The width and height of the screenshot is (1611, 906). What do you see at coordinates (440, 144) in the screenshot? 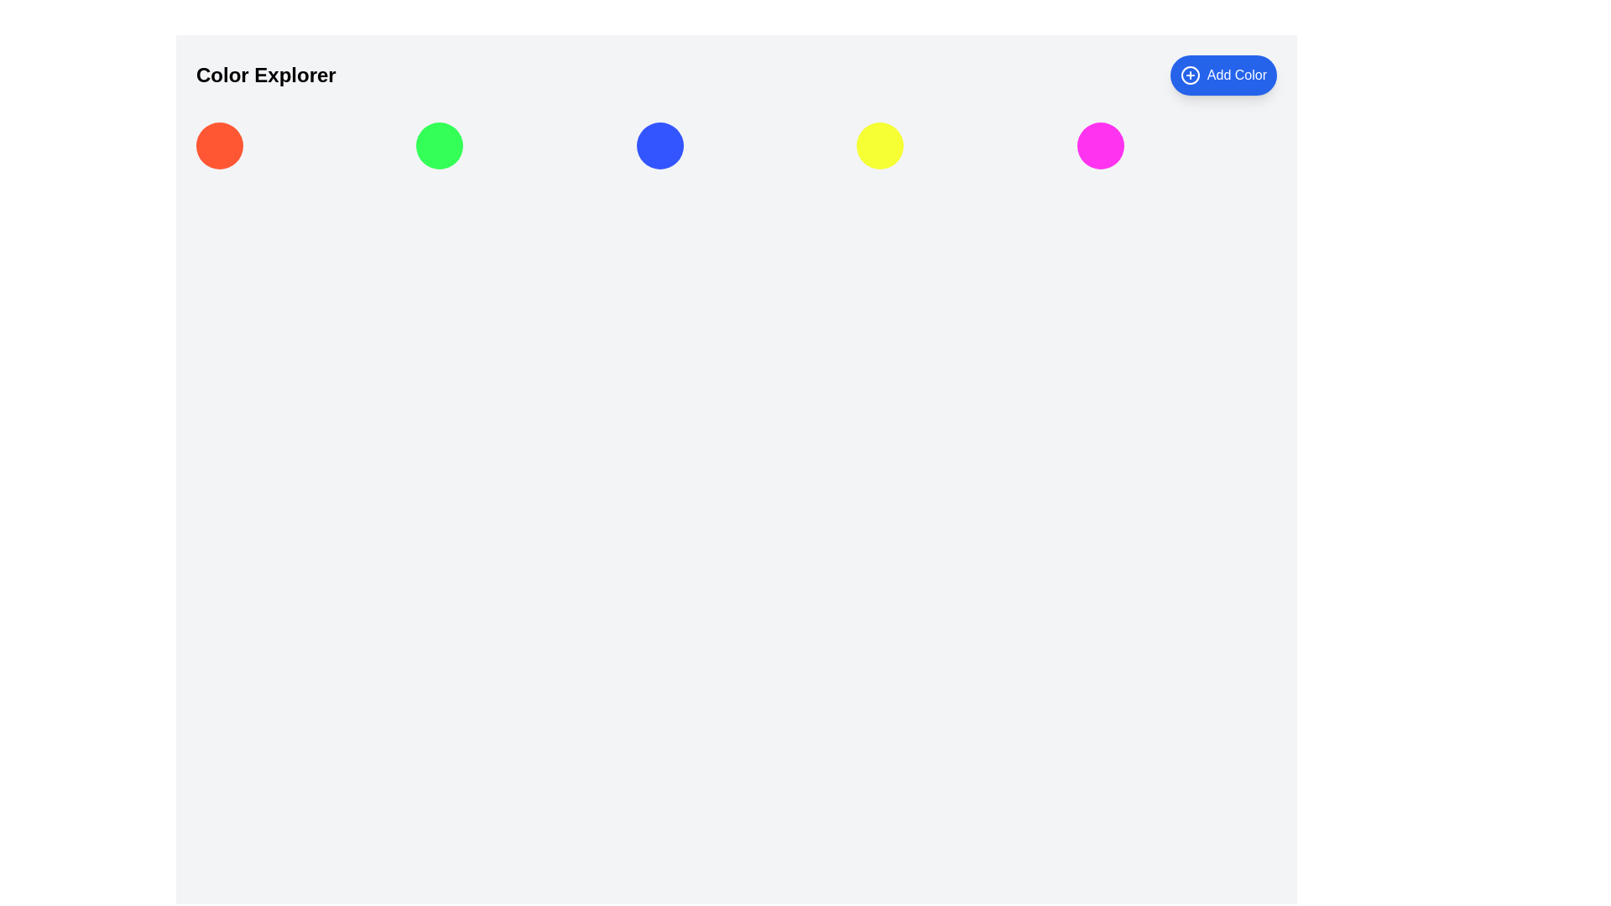
I see `the second circular element in the color picker interface` at bounding box center [440, 144].